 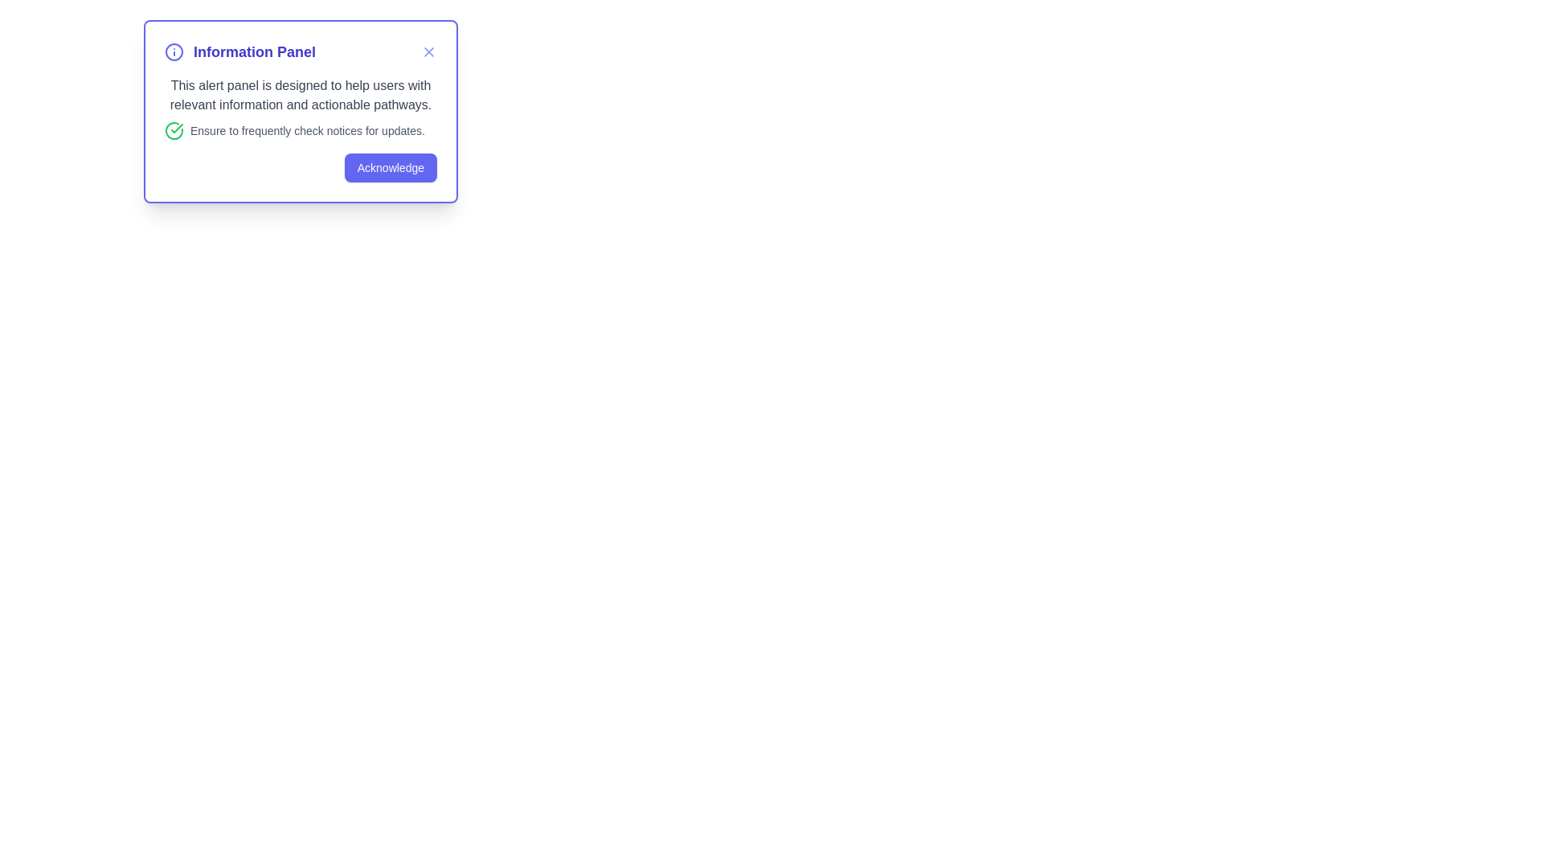 I want to click on the close button located at the top-right corner of the Information Panel, so click(x=428, y=51).